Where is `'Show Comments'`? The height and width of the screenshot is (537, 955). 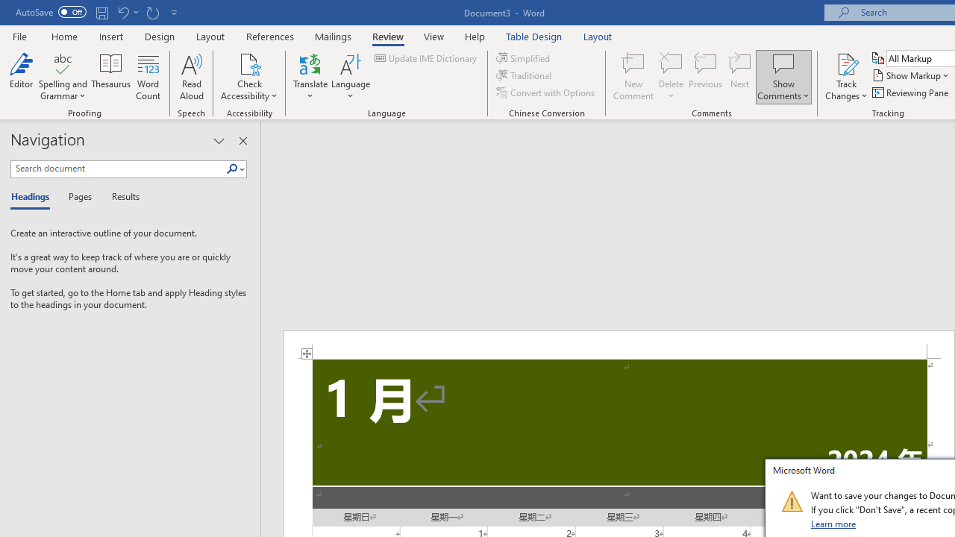
'Show Comments' is located at coordinates (783, 63).